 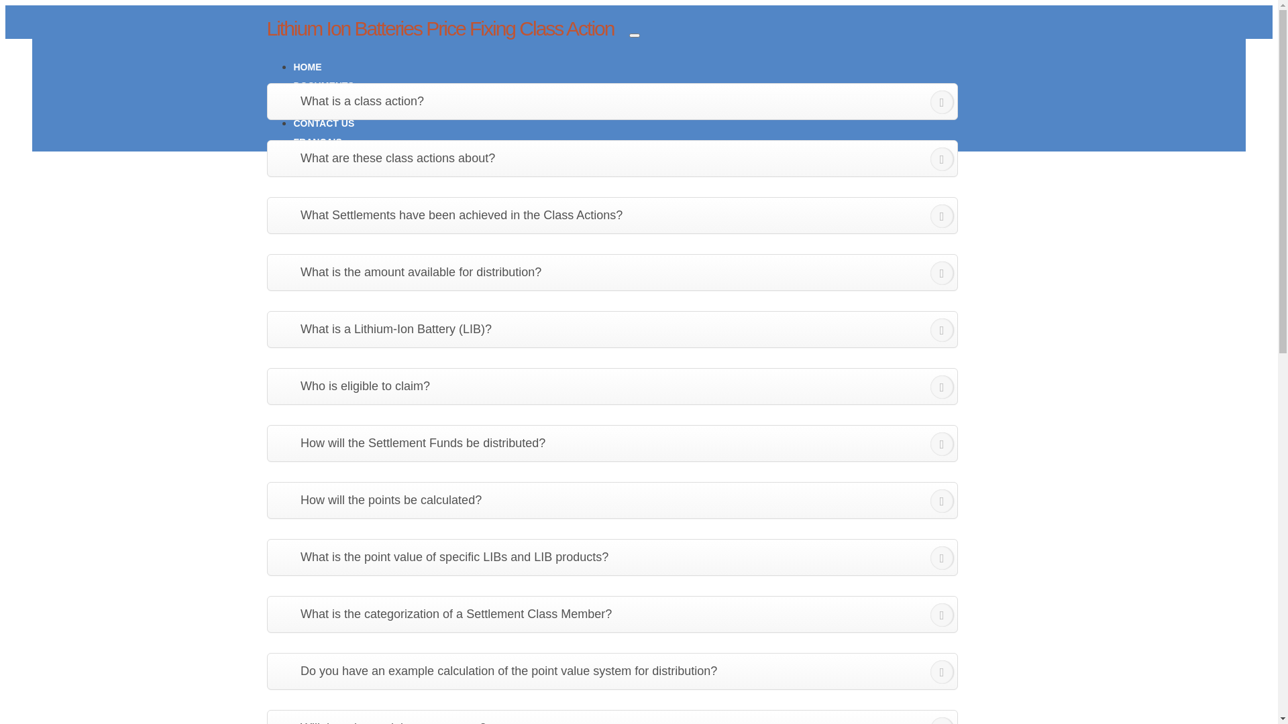 I want to click on 'FRANCAIS', so click(x=317, y=142).